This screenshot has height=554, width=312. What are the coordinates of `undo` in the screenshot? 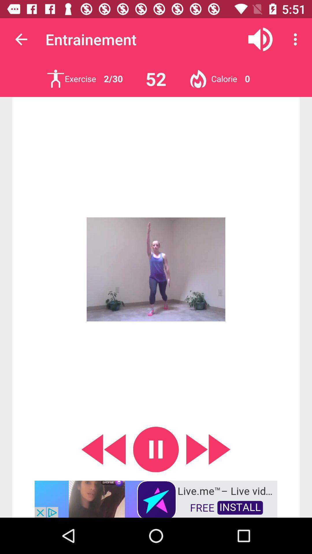 It's located at (103, 449).